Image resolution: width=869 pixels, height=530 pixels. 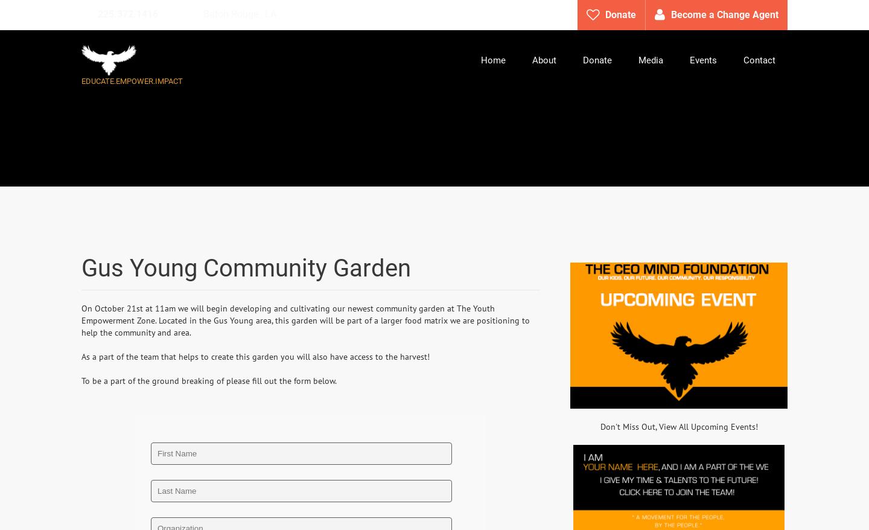 I want to click on 'As a part of the team that helps to create this garden you will also have access to the harvest!', so click(x=255, y=356).